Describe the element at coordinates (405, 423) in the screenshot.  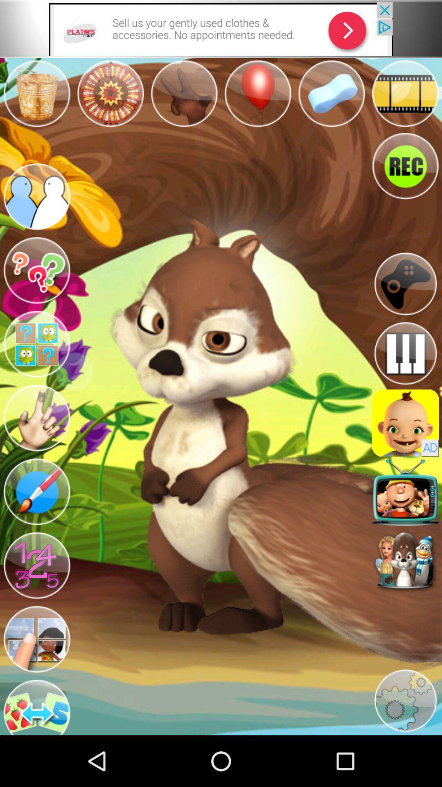
I see `application` at that location.